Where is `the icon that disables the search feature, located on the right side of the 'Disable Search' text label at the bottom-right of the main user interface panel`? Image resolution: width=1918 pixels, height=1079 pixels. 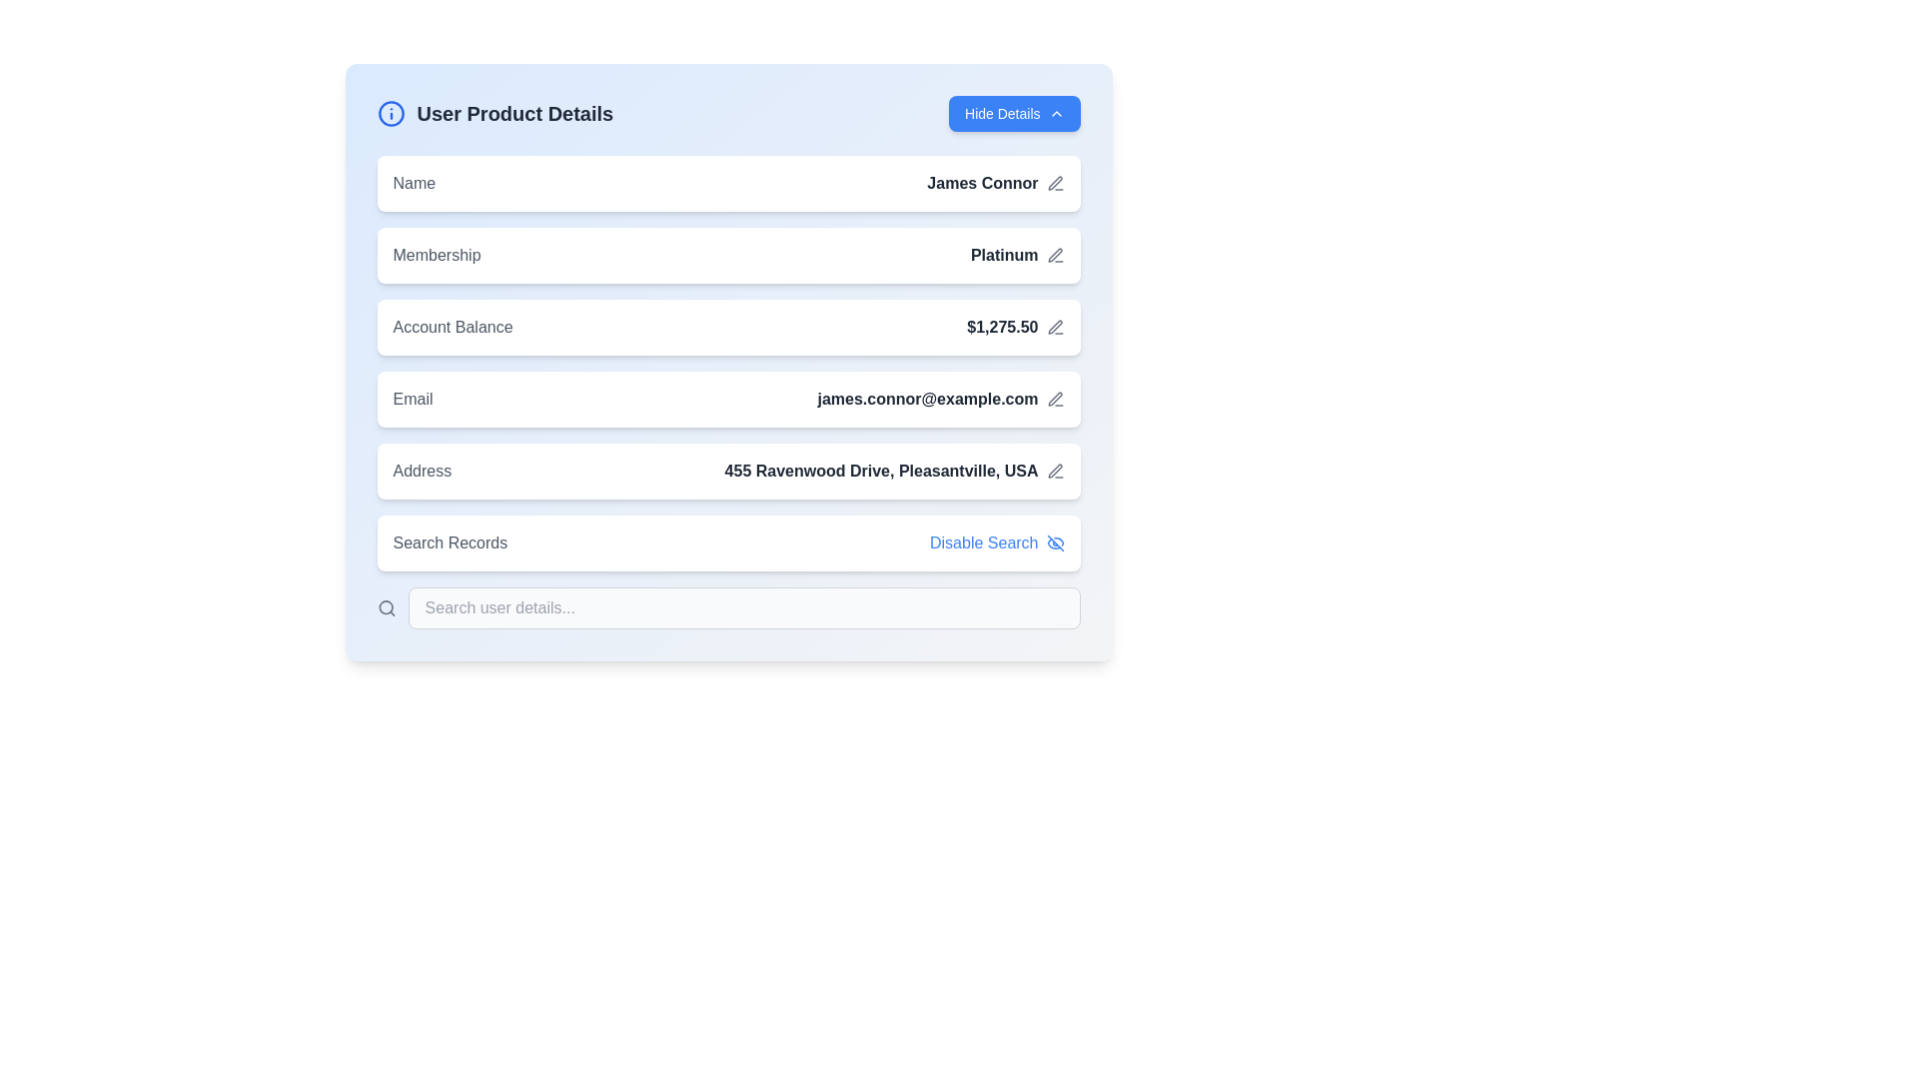
the icon that disables the search feature, located on the right side of the 'Disable Search' text label at the bottom-right of the main user interface panel is located at coordinates (1054, 542).